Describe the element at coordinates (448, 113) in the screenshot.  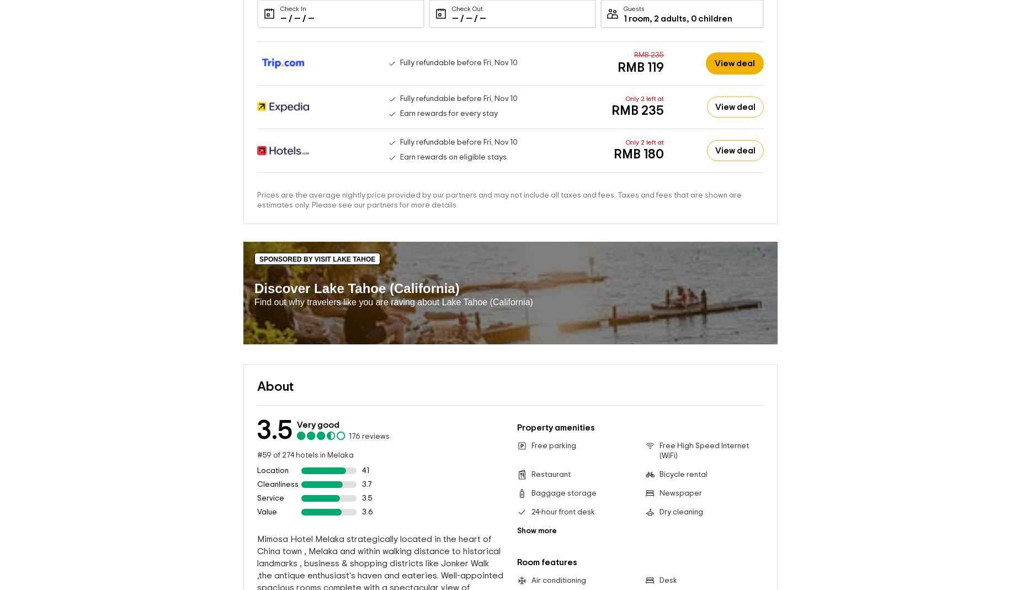
I see `'Earn rewards for every stay'` at that location.